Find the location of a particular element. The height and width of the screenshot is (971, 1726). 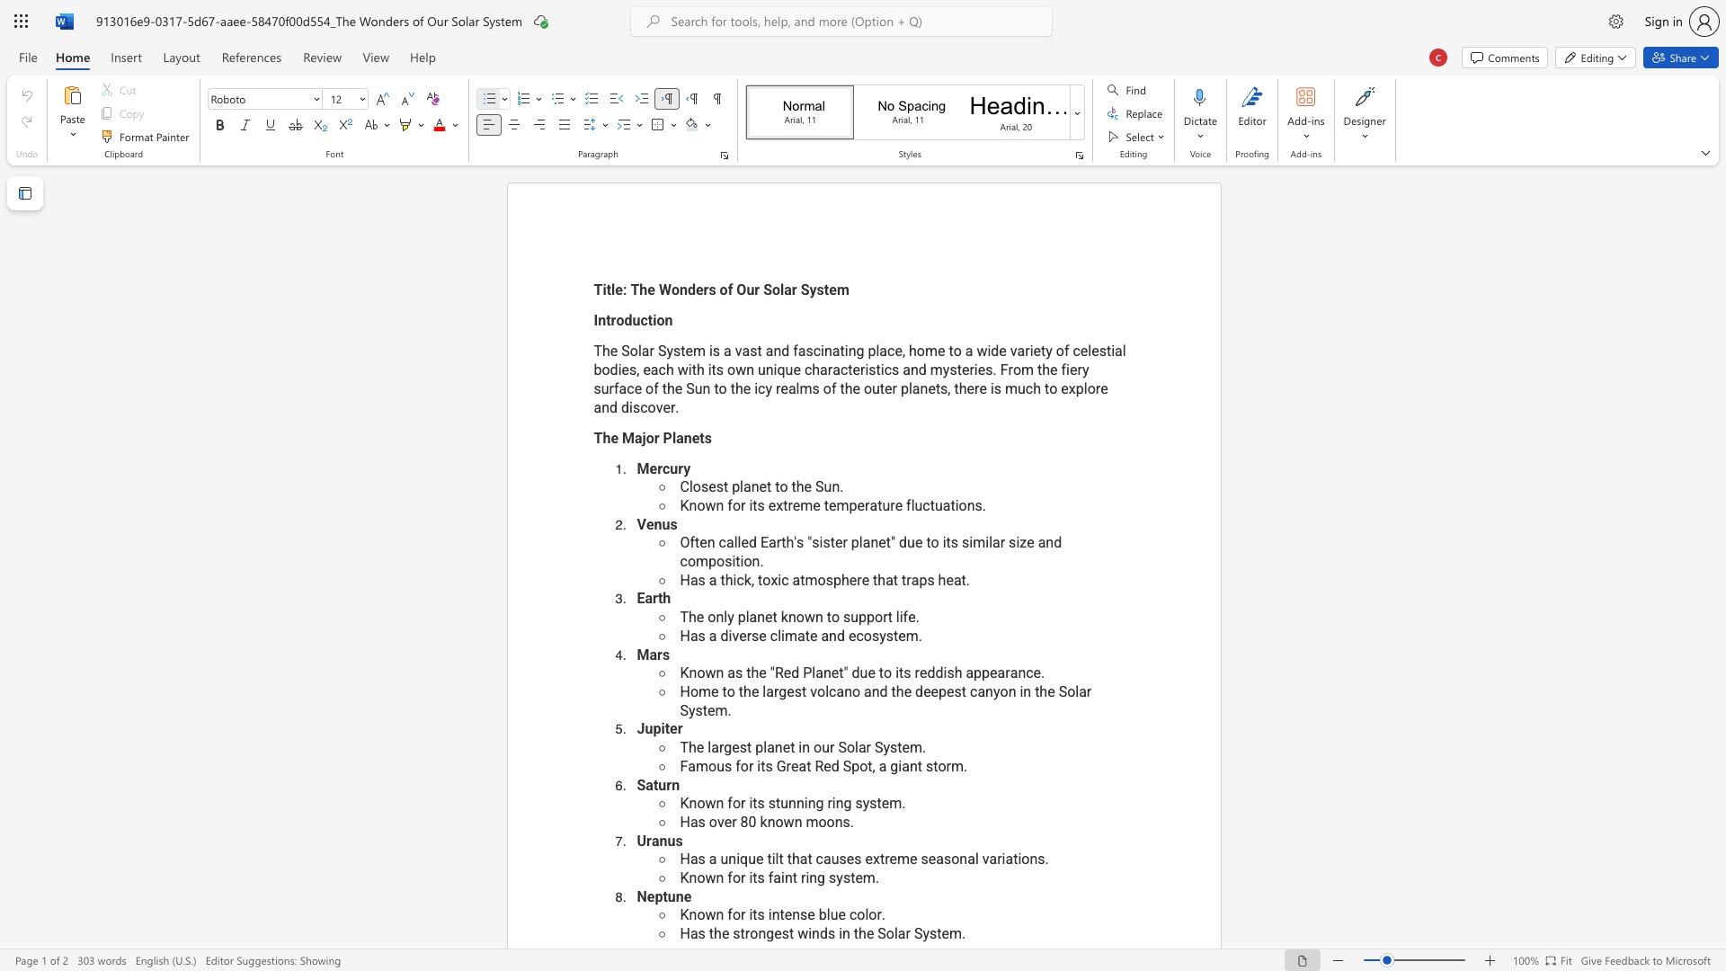

the 1th character "e" in the text is located at coordinates (743, 635).